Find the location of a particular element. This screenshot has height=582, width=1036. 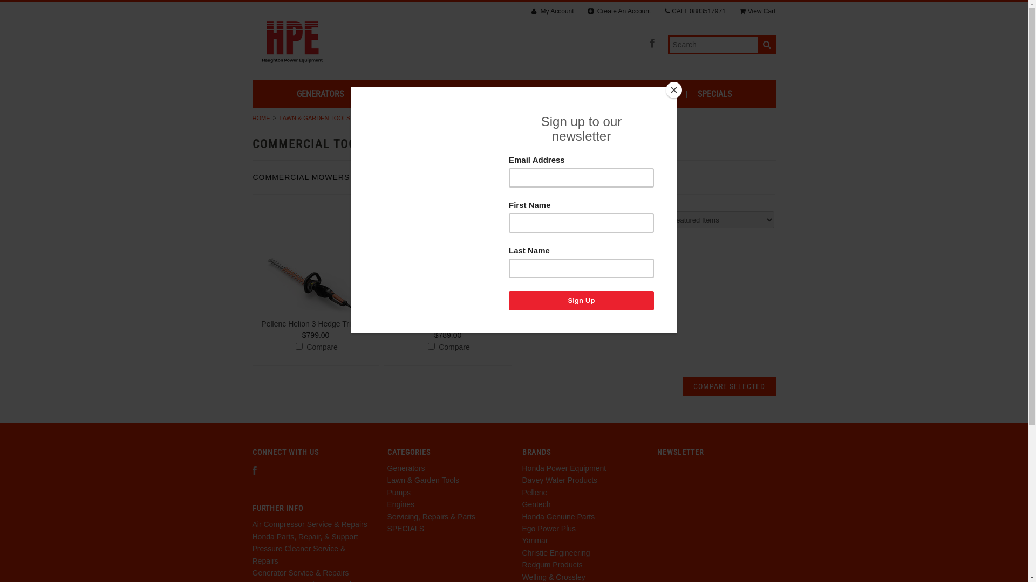

'View Cart' is located at coordinates (757, 11).